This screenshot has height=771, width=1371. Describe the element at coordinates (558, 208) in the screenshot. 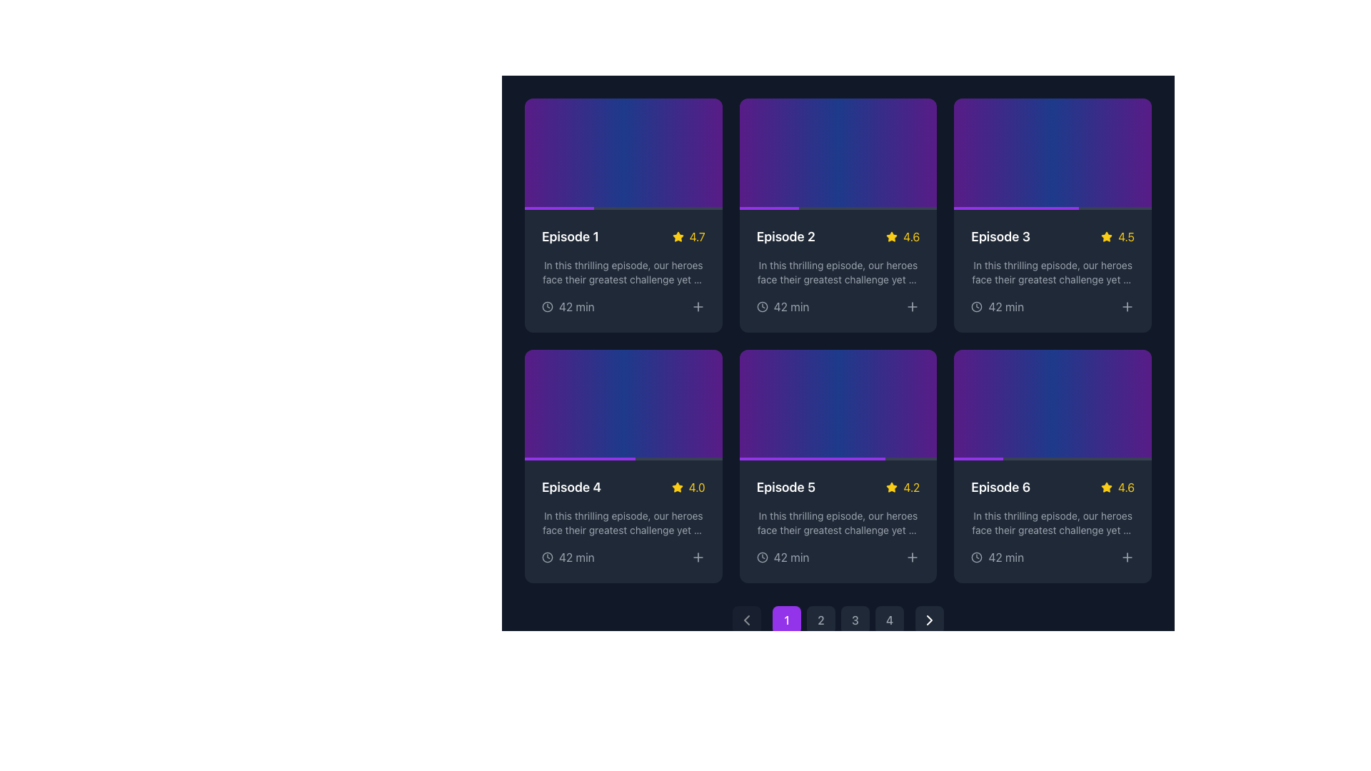

I see `style attributes of the progress bar segment located at the bottom of the first card in the grid layout using developer tools` at that location.